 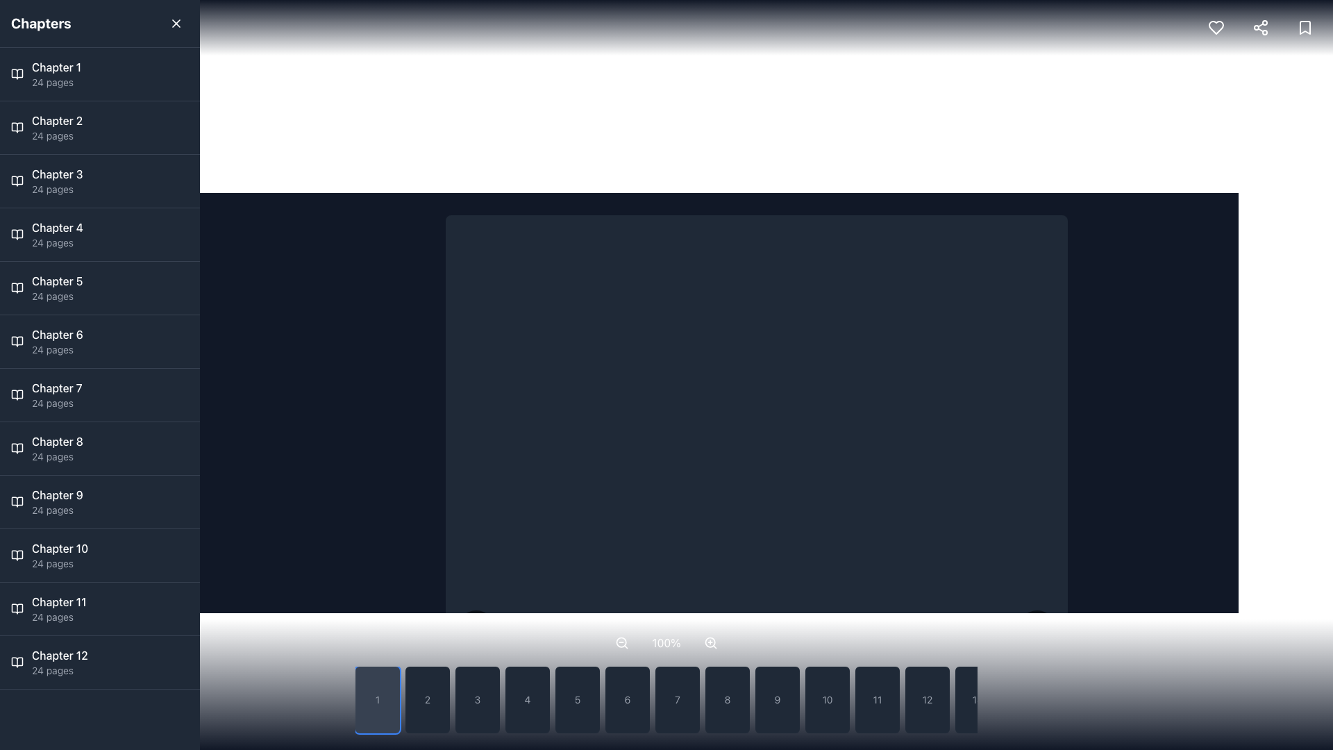 I want to click on the open book icon located in the sidebar, adjacent to the 'Chapter 3 24 pages' text label, so click(x=17, y=181).